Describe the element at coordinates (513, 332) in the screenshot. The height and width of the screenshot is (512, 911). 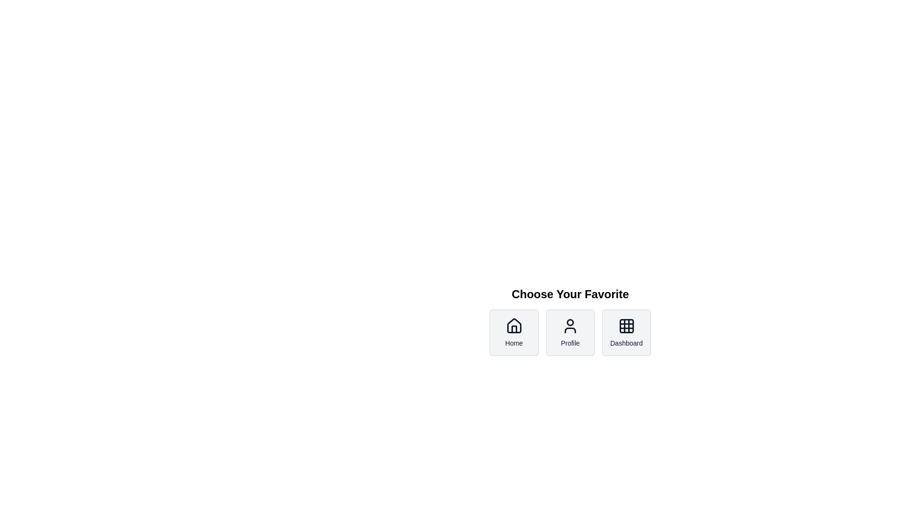
I see `the 'Home' button, which is a rounded rectangular tile with a light gray background and a house icon` at that location.